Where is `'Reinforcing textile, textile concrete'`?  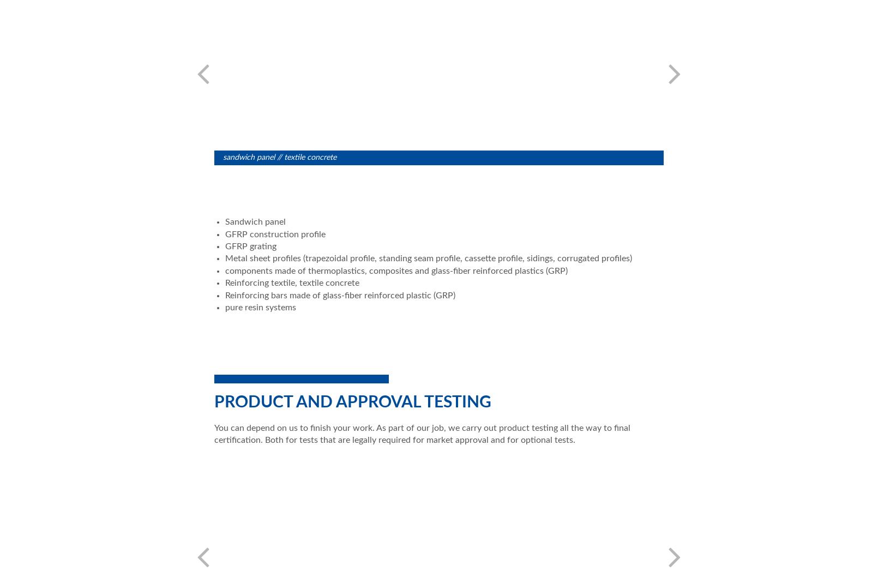
'Reinforcing textile, textile concrete' is located at coordinates (224, 282).